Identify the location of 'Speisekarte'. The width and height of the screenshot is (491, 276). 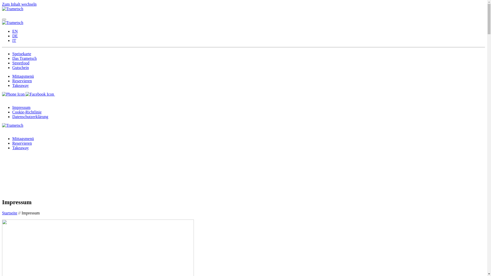
(12, 54).